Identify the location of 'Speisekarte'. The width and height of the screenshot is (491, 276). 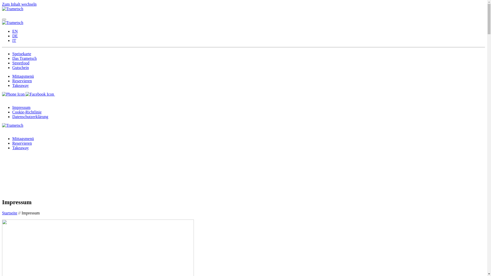
(12, 54).